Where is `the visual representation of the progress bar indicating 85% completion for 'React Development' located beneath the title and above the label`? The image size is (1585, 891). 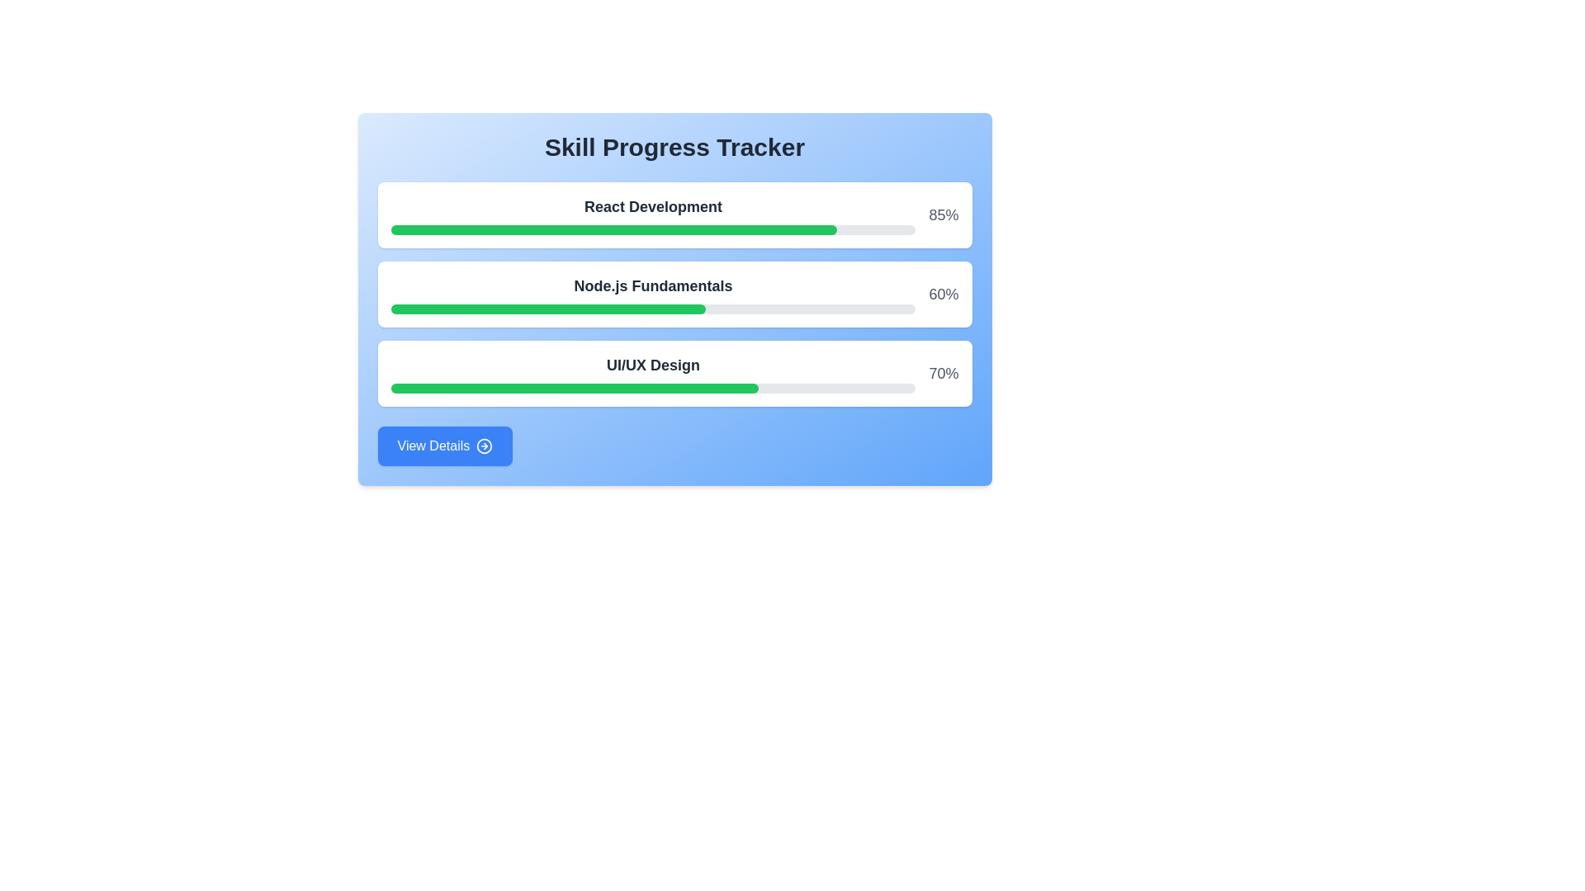 the visual representation of the progress bar indicating 85% completion for 'React Development' located beneath the title and above the label is located at coordinates (652, 229).